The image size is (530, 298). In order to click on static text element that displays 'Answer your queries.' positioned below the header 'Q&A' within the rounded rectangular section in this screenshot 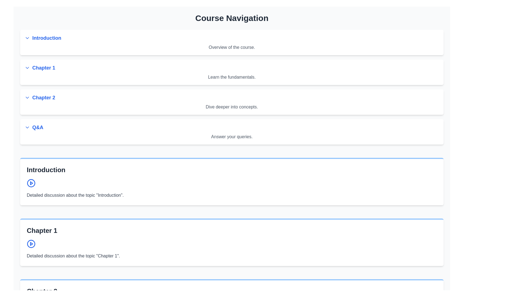, I will do `click(232, 137)`.